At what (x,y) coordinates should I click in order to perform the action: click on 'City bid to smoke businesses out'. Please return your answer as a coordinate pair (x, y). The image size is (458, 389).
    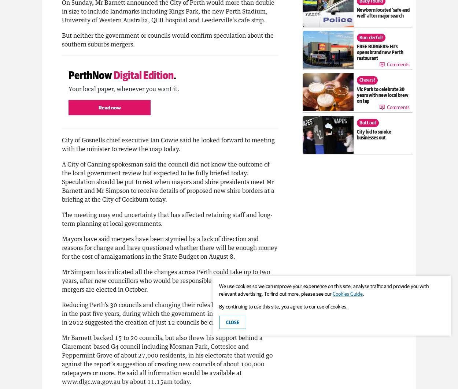
    Looking at the image, I should click on (373, 134).